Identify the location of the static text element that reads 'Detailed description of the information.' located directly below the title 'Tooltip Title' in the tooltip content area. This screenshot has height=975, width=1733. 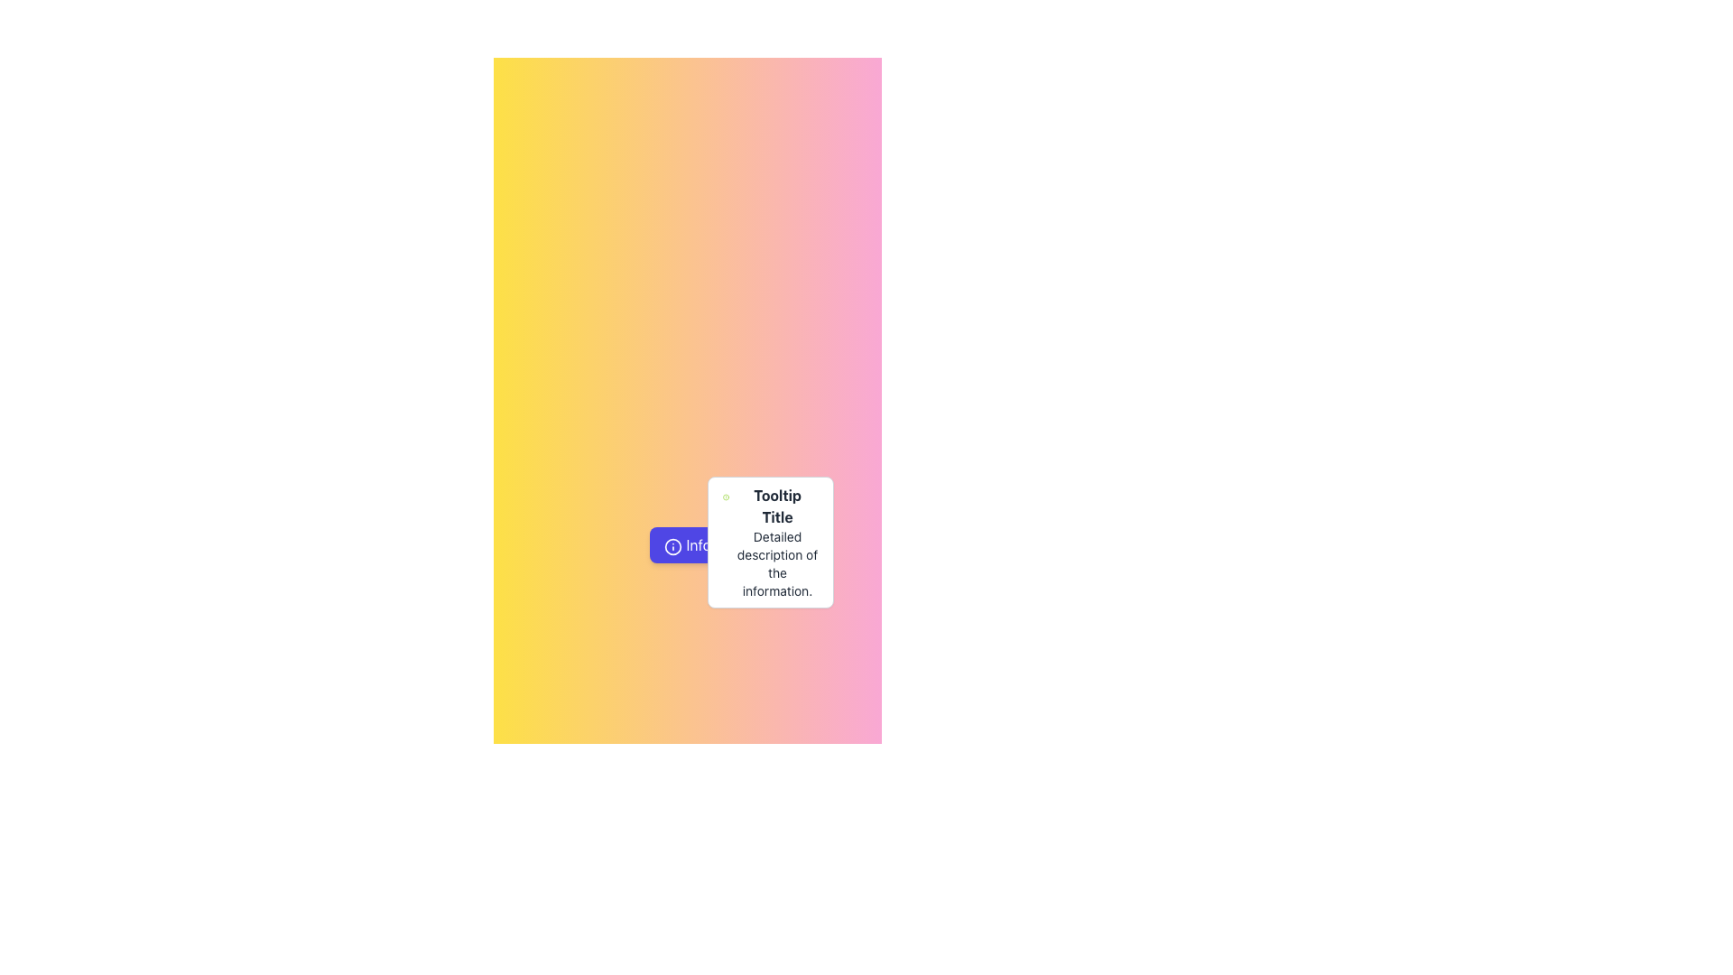
(777, 562).